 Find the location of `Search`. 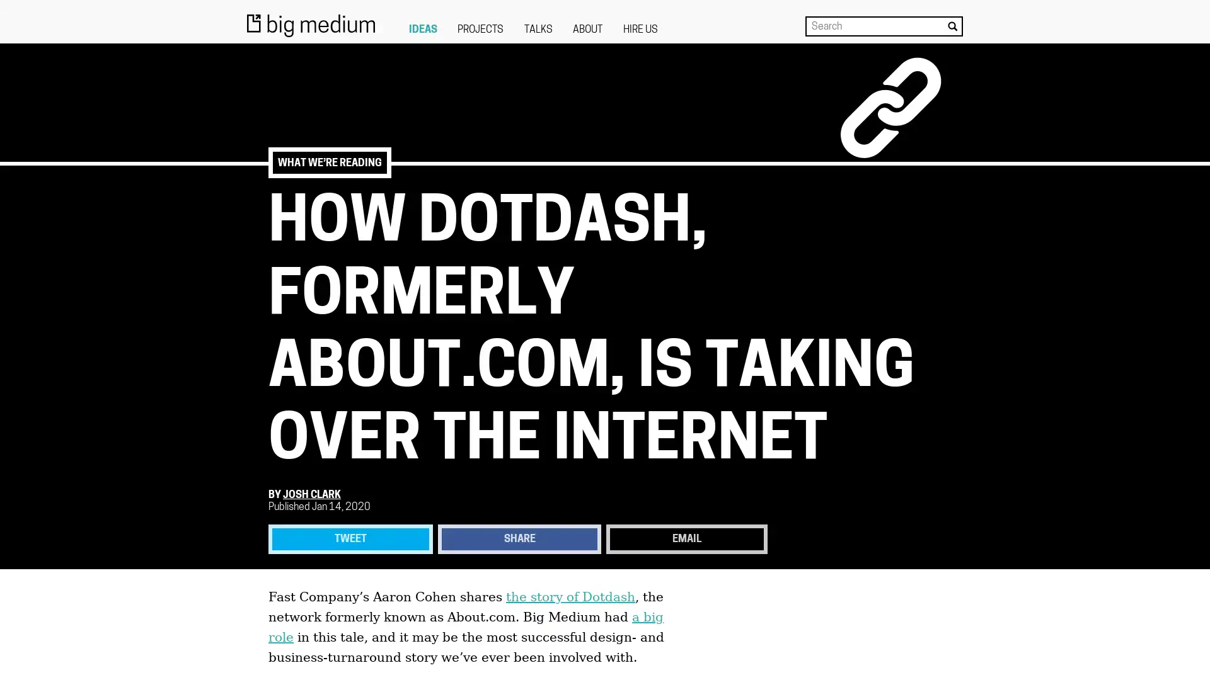

Search is located at coordinates (952, 26).